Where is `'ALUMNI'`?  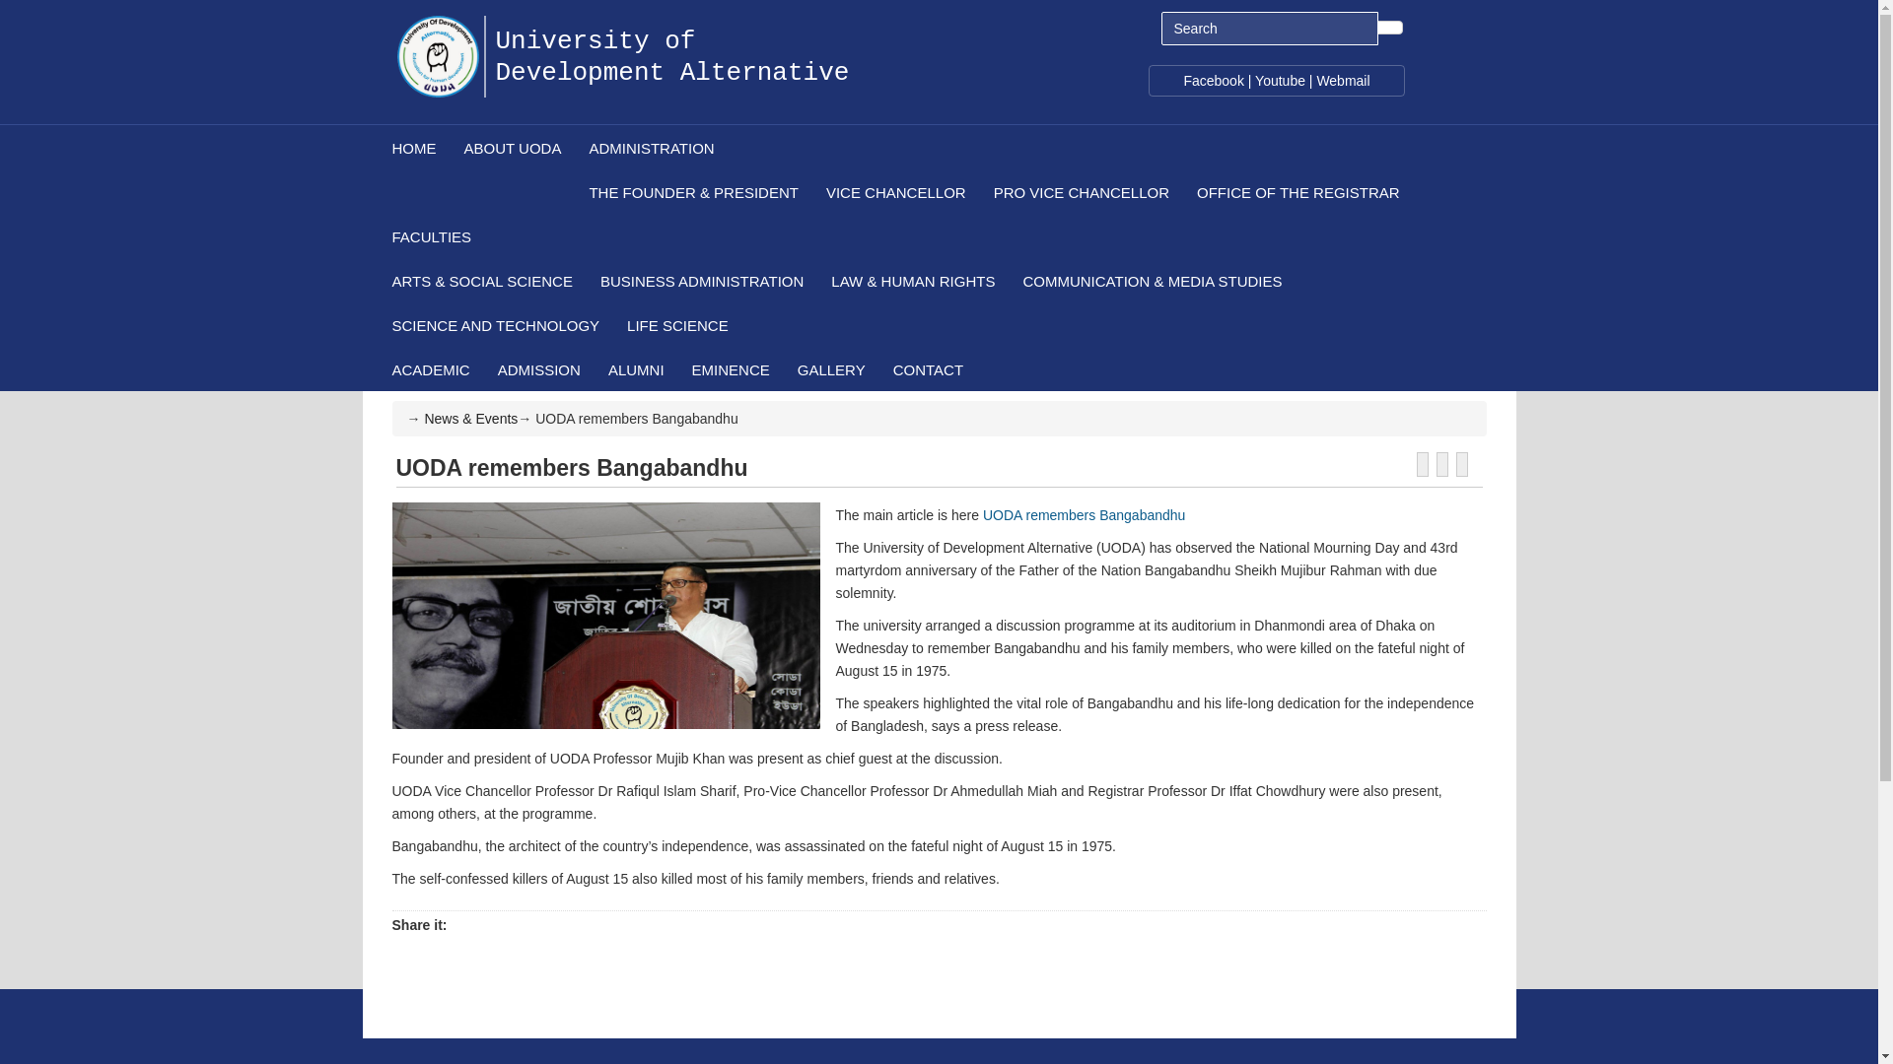 'ALUMNI' is located at coordinates (635, 368).